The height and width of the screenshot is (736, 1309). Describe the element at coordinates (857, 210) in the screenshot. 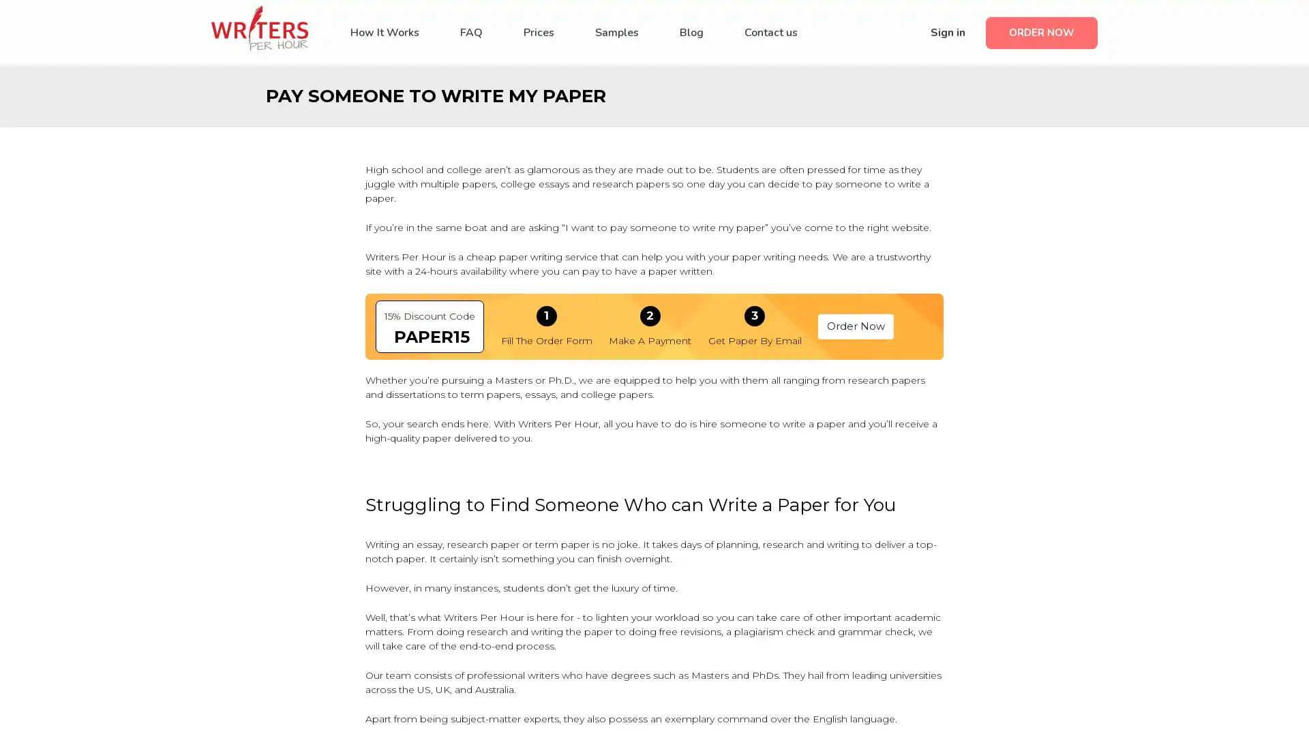

I see `Close` at that location.